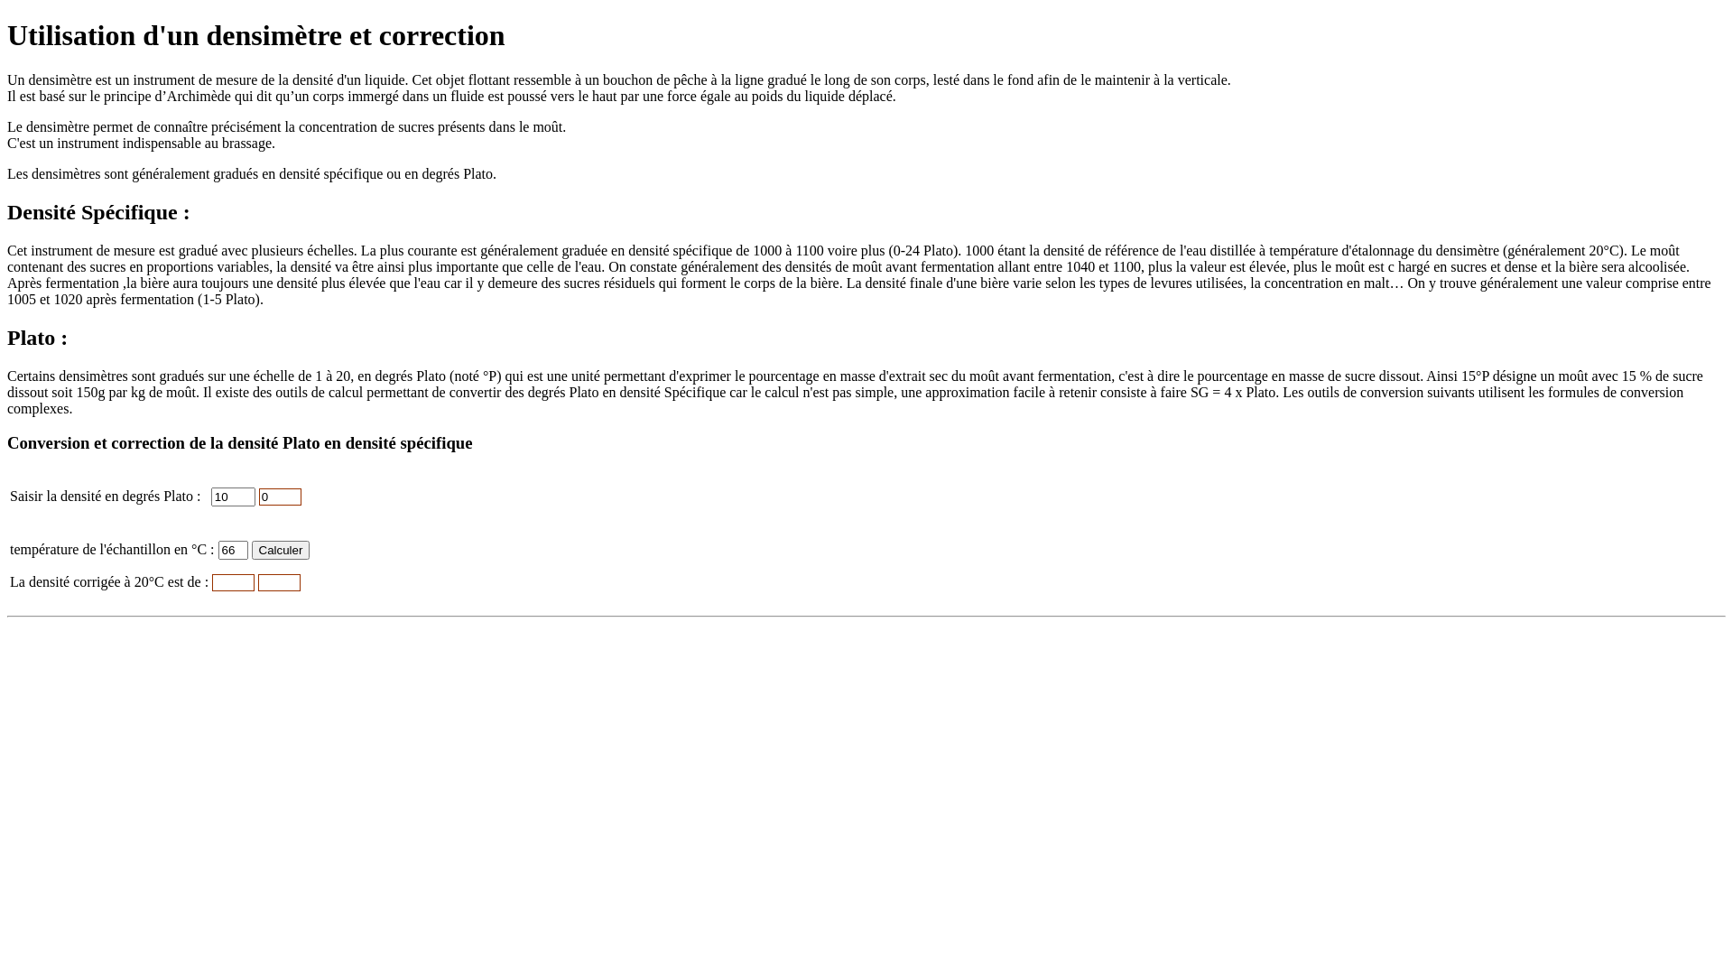  What do you see at coordinates (250, 549) in the screenshot?
I see `'Calculer'` at bounding box center [250, 549].